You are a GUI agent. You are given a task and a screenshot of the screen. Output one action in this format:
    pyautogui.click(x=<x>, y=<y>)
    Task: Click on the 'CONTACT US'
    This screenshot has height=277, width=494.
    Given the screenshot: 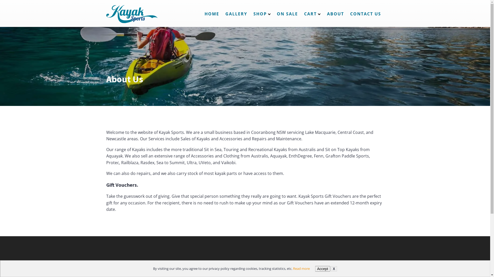 What is the action you would take?
    pyautogui.click(x=347, y=14)
    